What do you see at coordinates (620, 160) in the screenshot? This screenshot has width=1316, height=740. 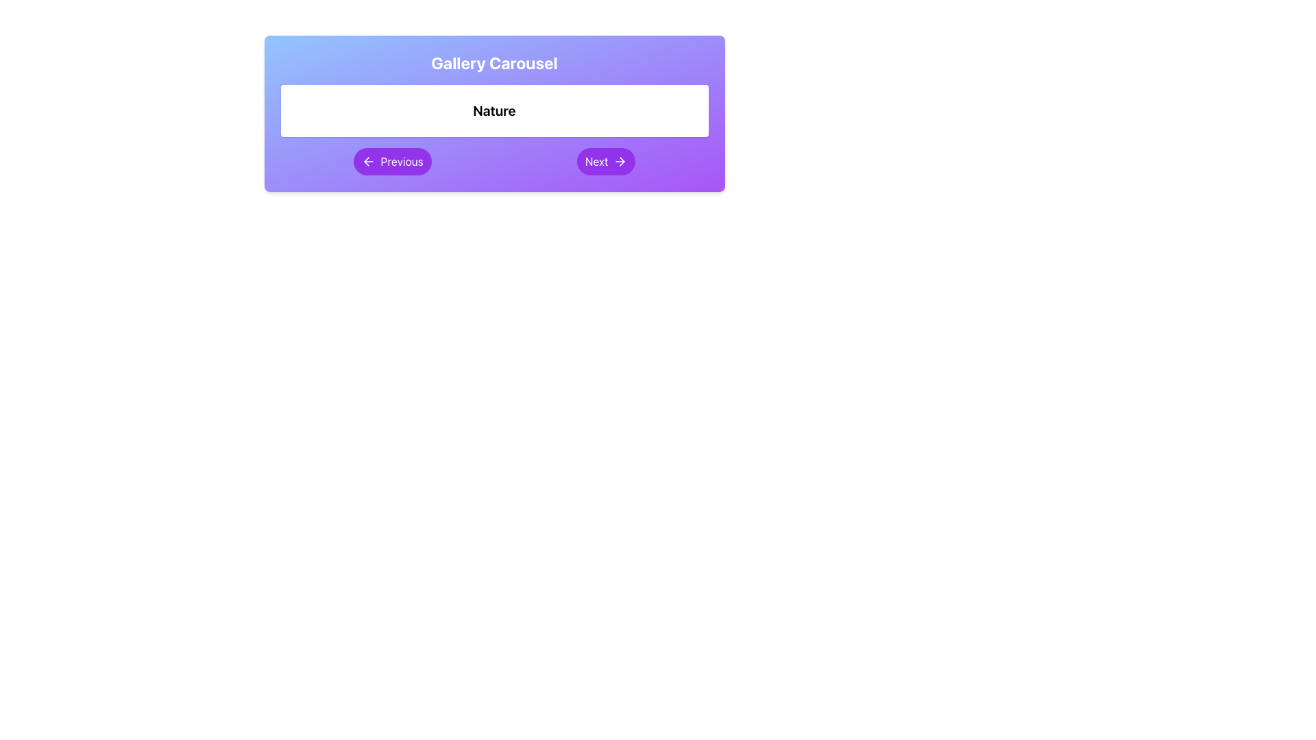 I see `the right-facing arrow icon inside the rounded purple 'Next' button located at the bottom-right of the carousel interface` at bounding box center [620, 160].